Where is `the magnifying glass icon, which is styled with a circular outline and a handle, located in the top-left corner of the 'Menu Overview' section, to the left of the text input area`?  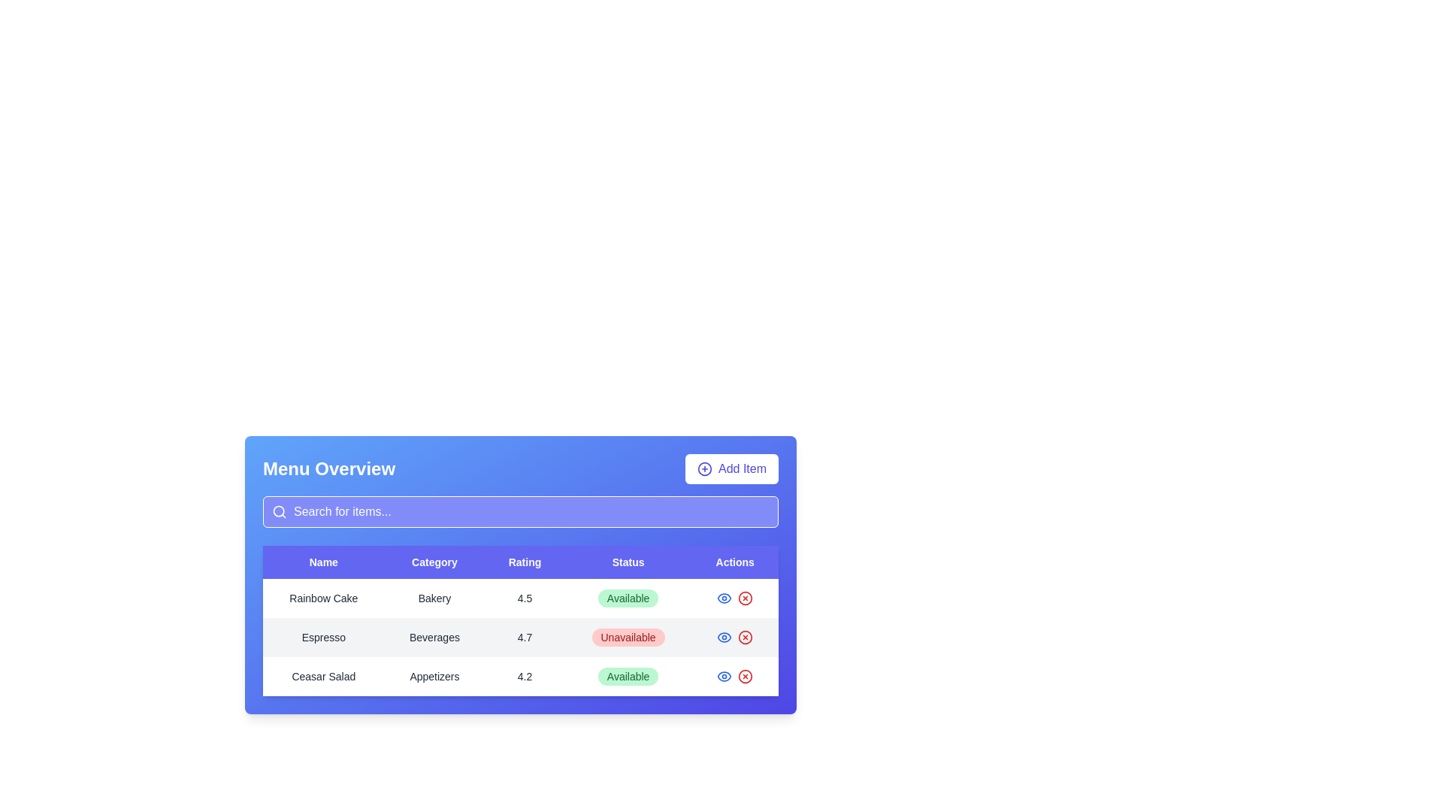 the magnifying glass icon, which is styled with a circular outline and a handle, located in the top-left corner of the 'Menu Overview' section, to the left of the text input area is located at coordinates (280, 511).